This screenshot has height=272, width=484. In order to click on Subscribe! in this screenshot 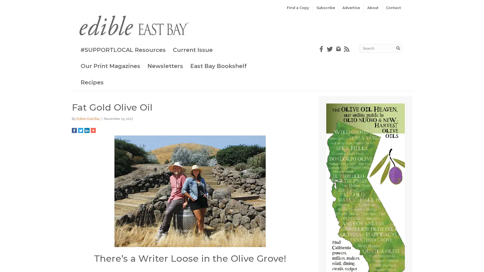, I will do `click(242, 245)`.